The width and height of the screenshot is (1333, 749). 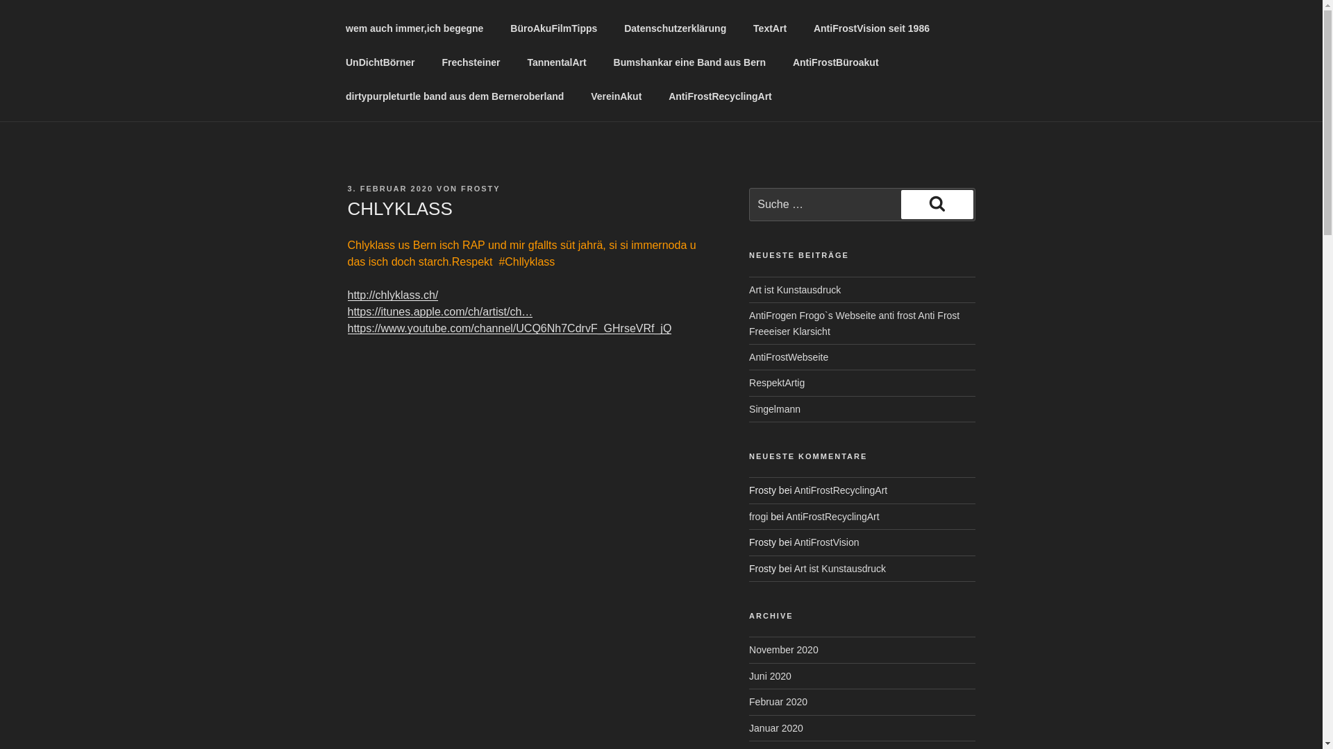 I want to click on 'TextArt', so click(x=769, y=28).